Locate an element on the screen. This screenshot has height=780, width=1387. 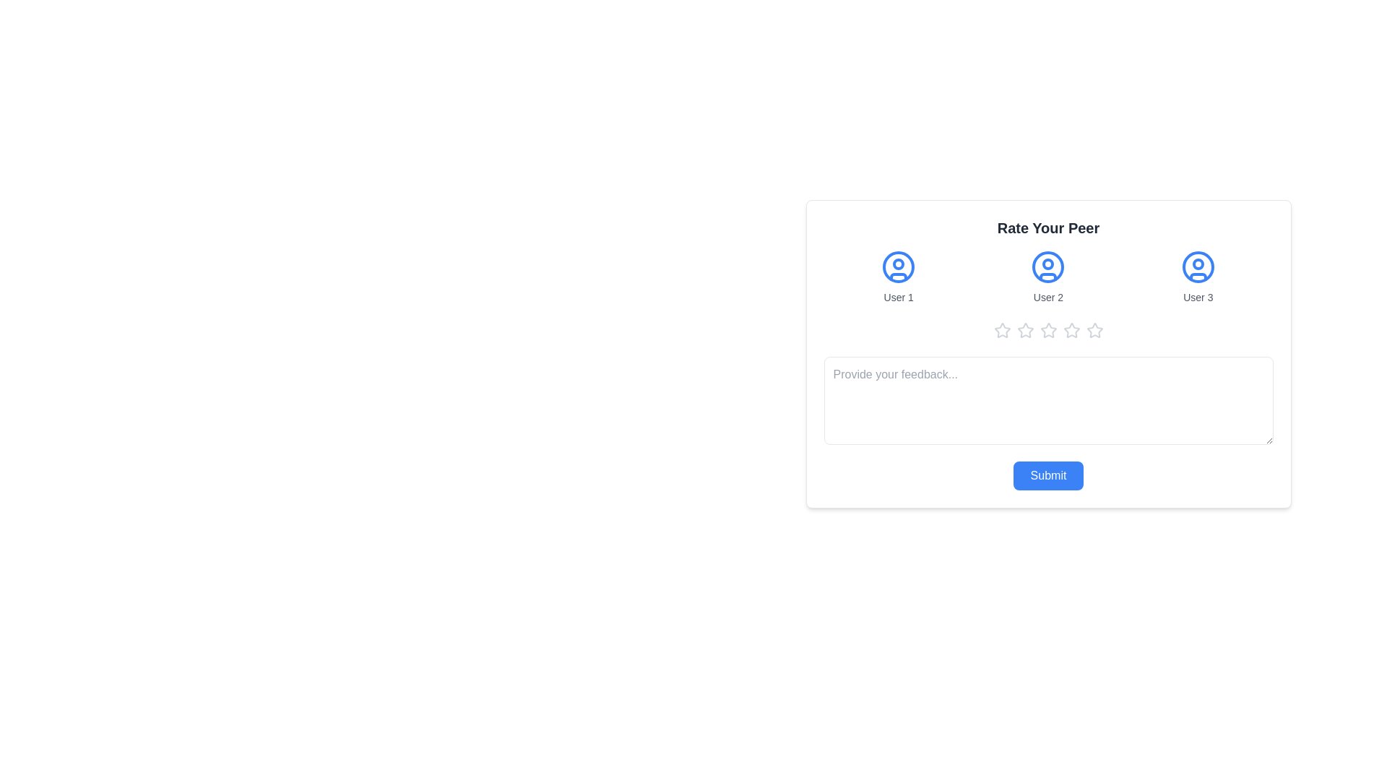
the avatar and label of User 3 is located at coordinates (1198, 277).